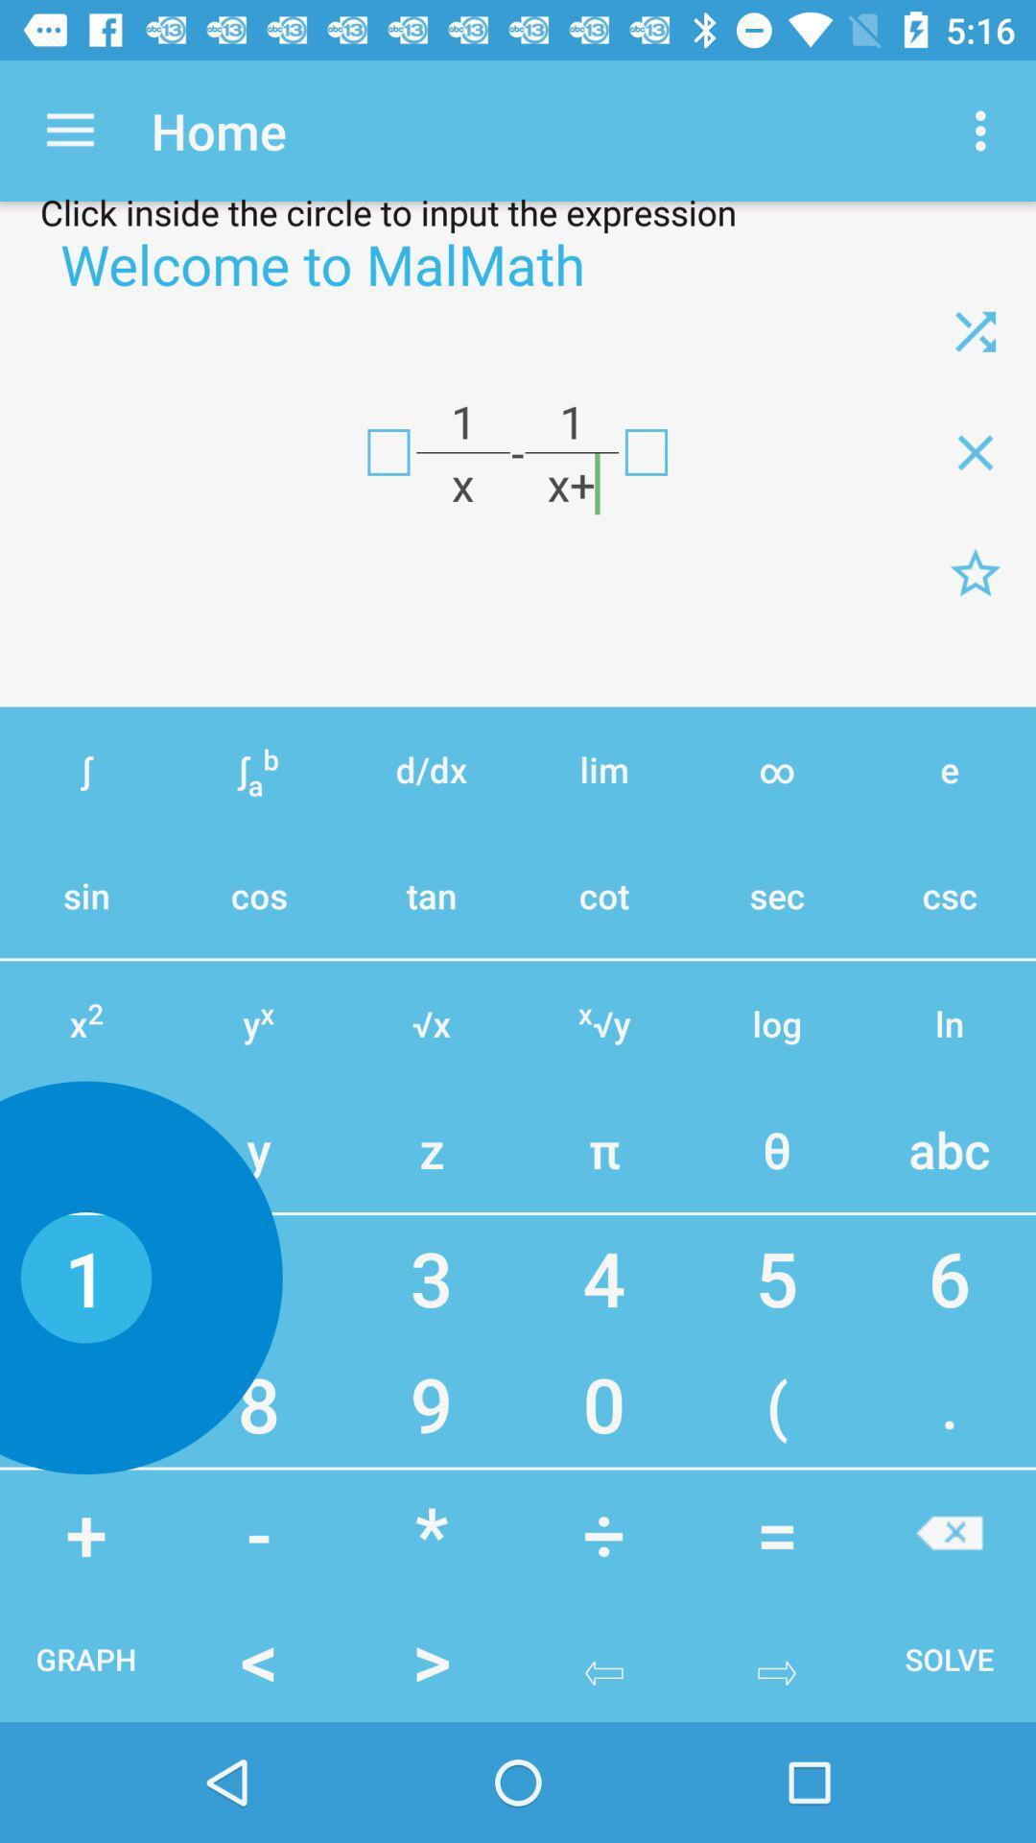 The height and width of the screenshot is (1843, 1036). I want to click on menu button, so click(976, 572).